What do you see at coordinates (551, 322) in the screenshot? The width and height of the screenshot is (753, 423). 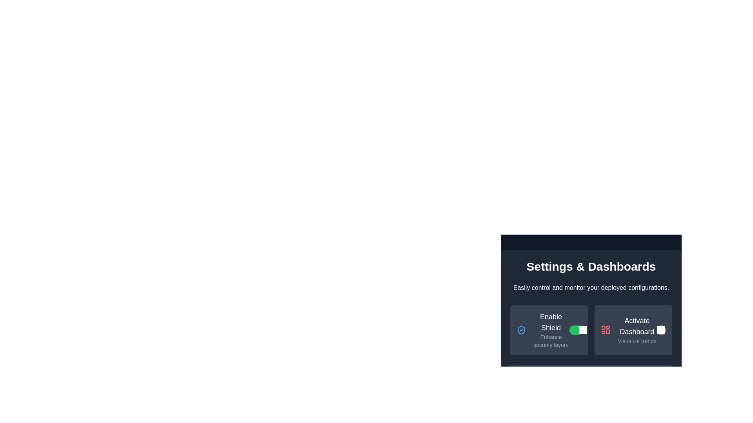 I see `the 'Enable Shield' static text, which is a prominent label in bold white font located at the top left quadrant of its card, adjacent to a green toggle switch` at bounding box center [551, 322].